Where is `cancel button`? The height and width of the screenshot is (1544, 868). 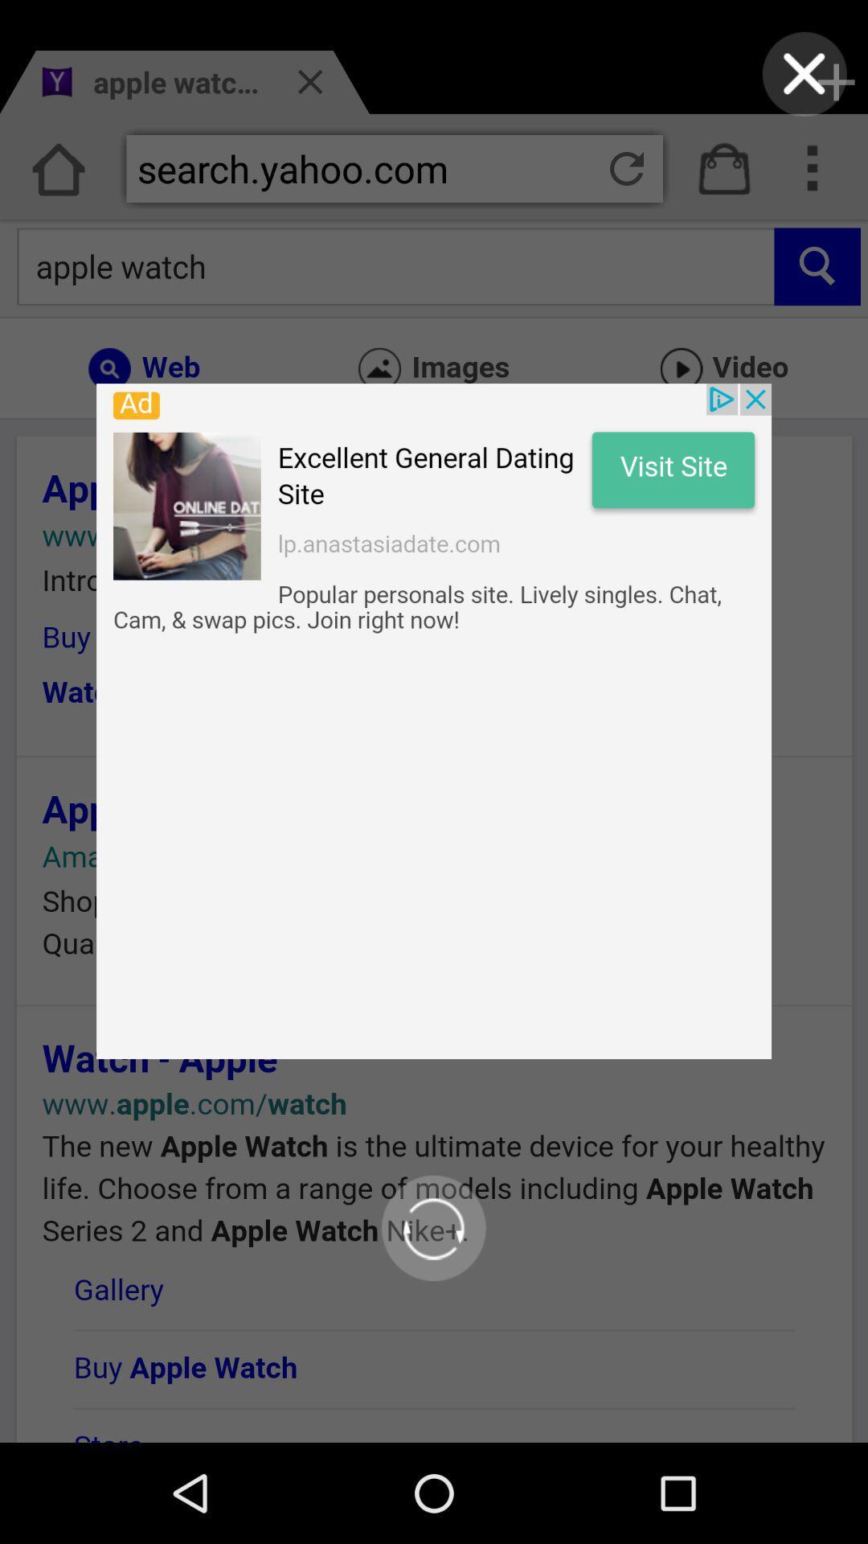
cancel button is located at coordinates (805, 73).